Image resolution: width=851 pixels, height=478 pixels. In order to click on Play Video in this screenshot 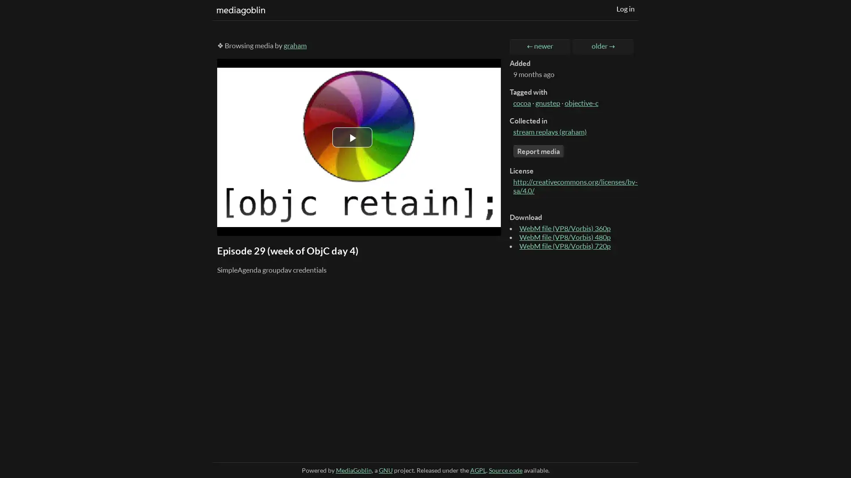, I will do `click(352, 137)`.